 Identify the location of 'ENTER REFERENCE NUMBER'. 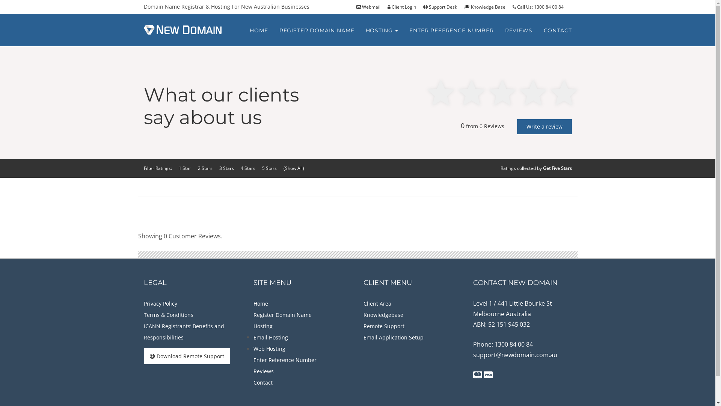
(451, 30).